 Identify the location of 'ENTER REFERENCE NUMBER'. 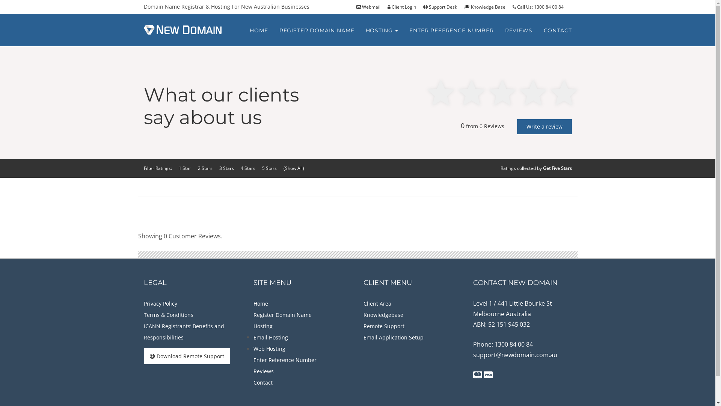
(451, 30).